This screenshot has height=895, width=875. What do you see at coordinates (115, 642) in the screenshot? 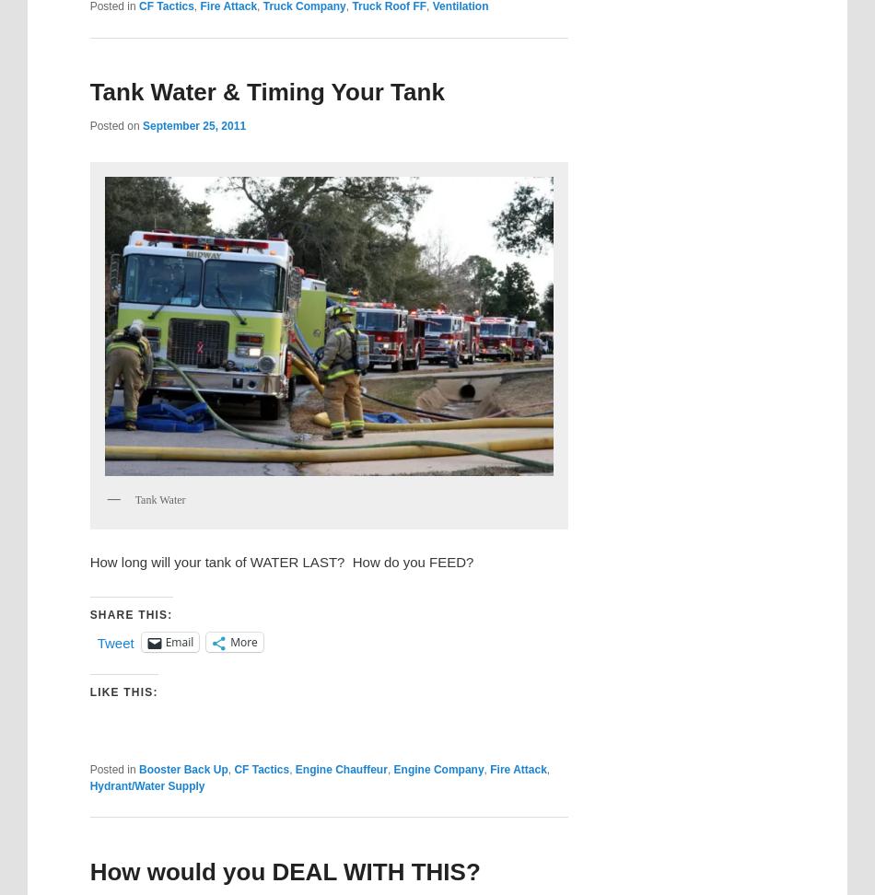
I see `'Tweet'` at bounding box center [115, 642].